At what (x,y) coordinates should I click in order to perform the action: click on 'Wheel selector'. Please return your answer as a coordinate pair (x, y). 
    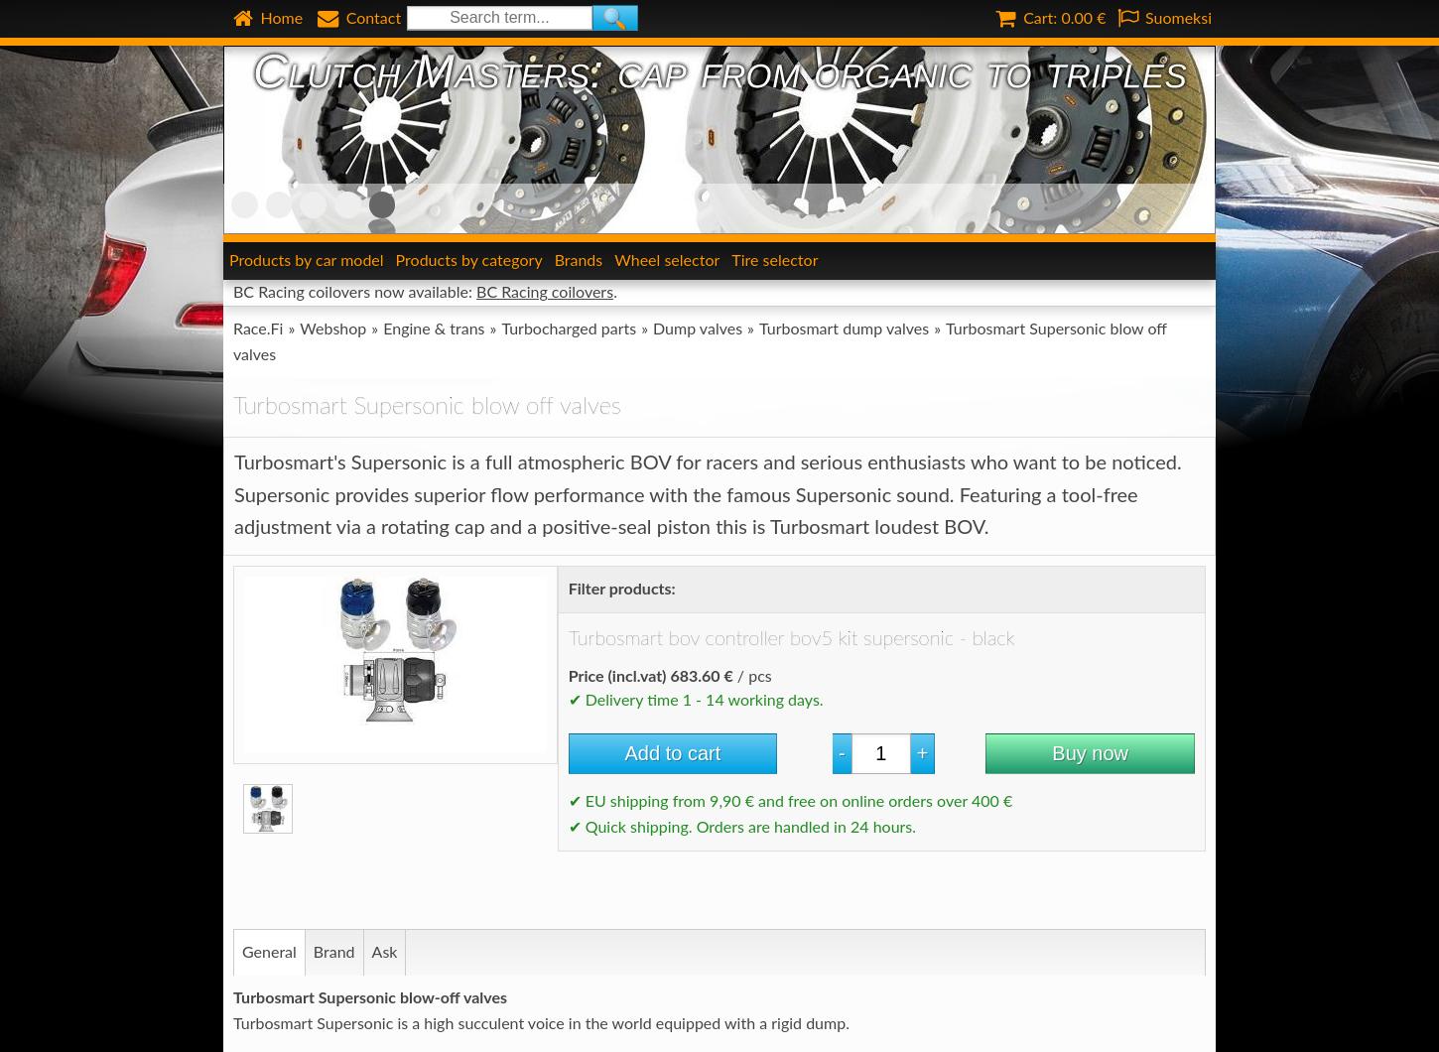
    Looking at the image, I should click on (665, 259).